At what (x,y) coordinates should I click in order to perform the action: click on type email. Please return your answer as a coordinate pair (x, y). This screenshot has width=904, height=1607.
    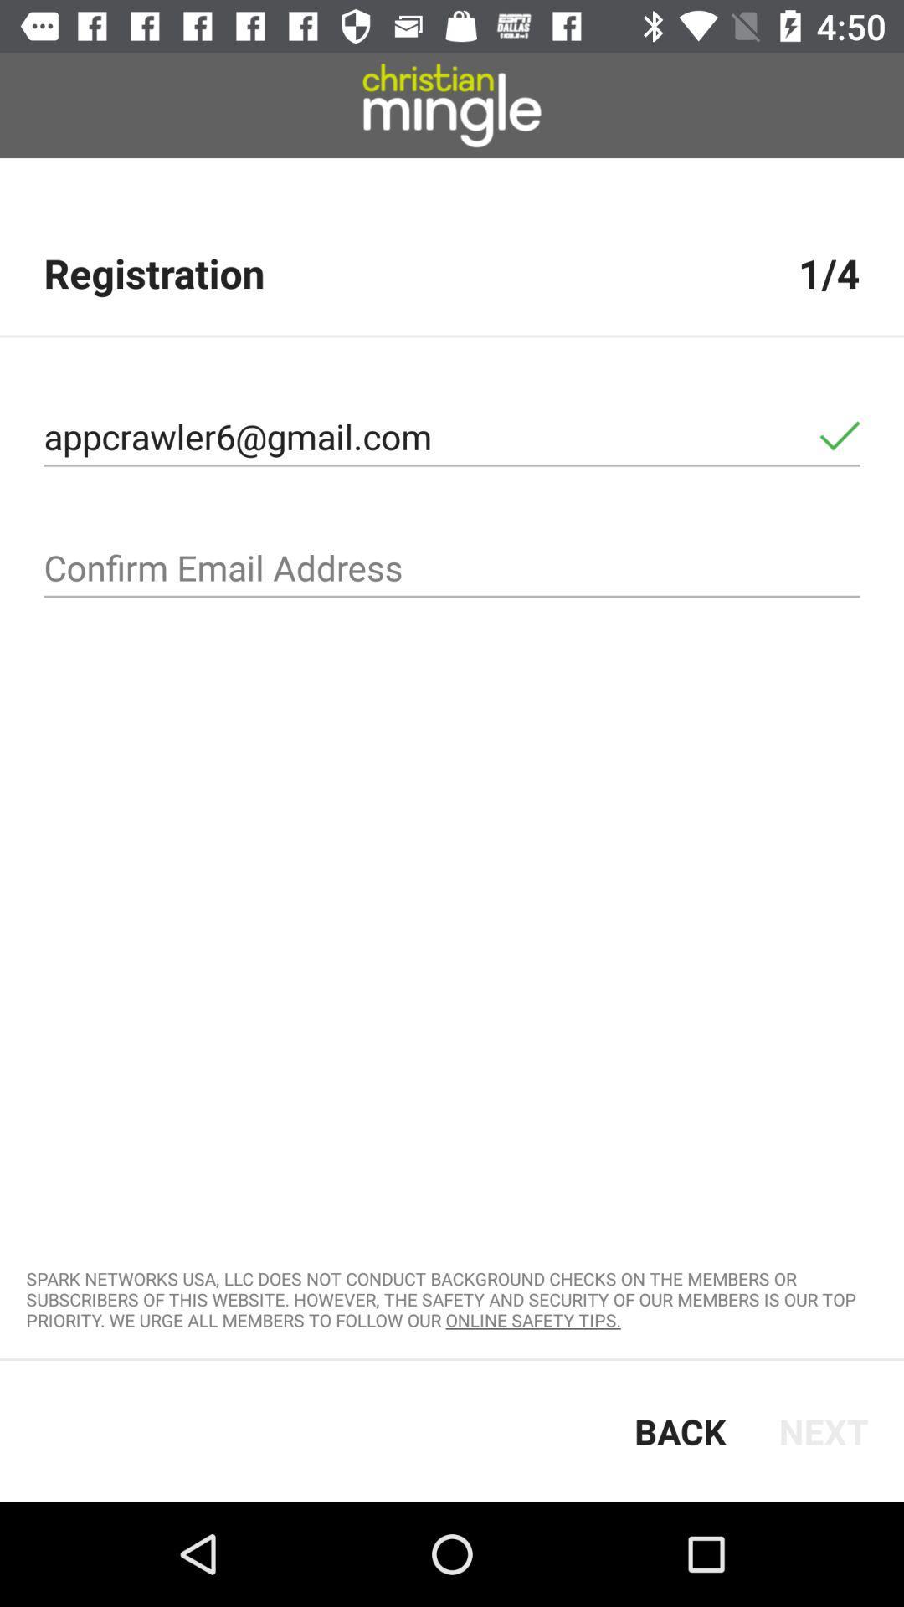
    Looking at the image, I should click on (452, 568).